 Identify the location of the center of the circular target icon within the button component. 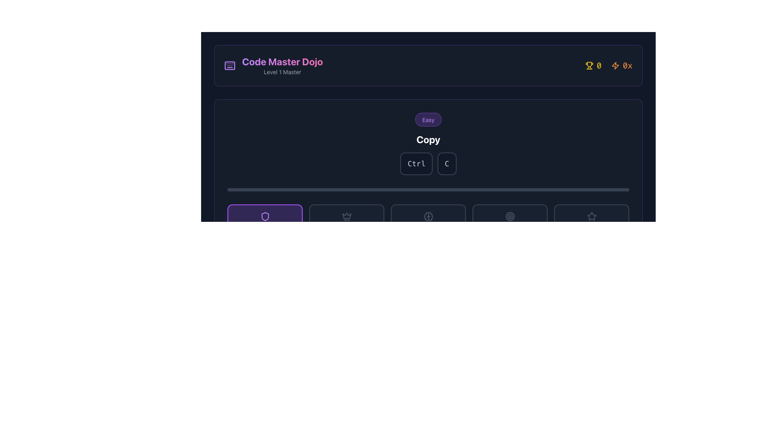
(509, 216).